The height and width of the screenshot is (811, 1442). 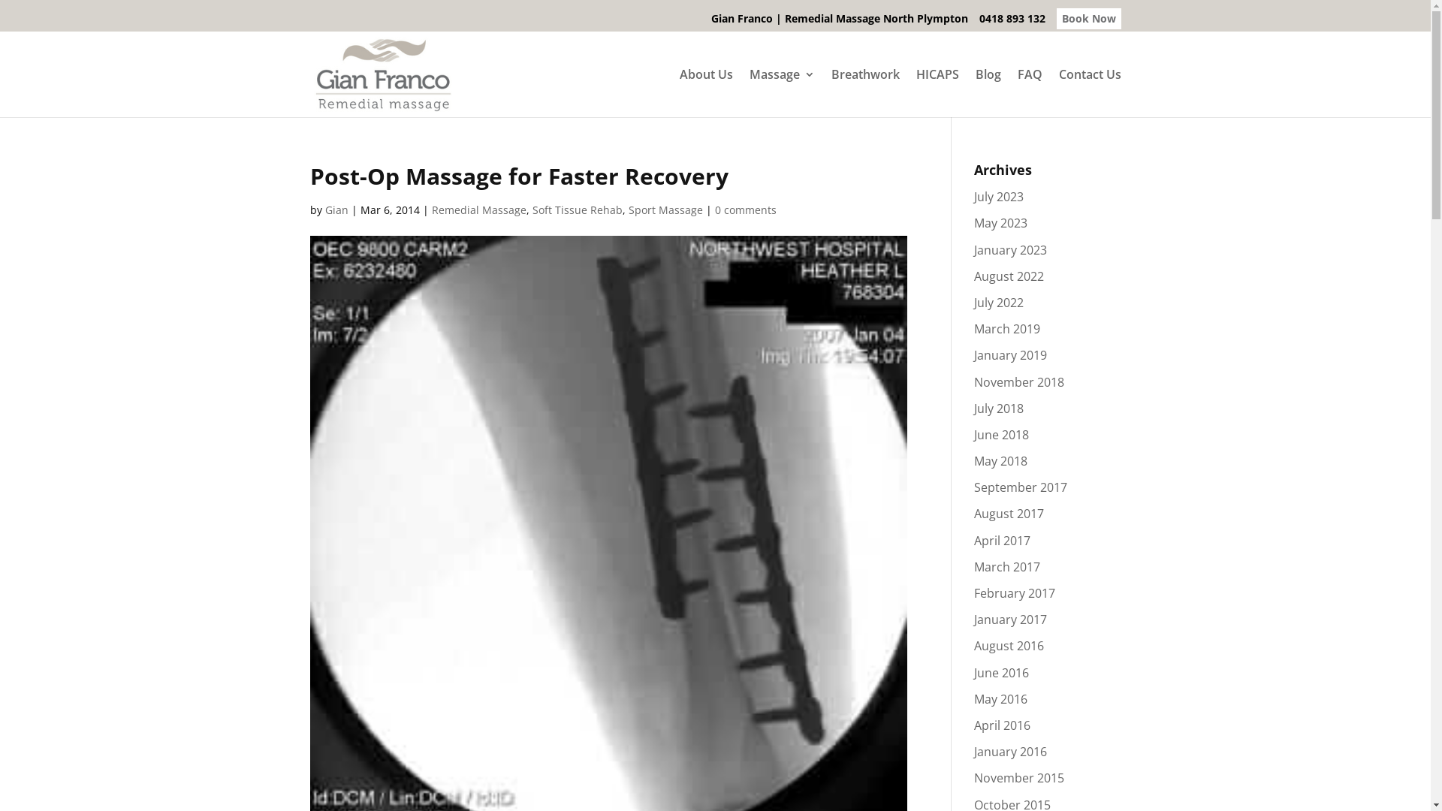 I want to click on 'January 2016', so click(x=973, y=752).